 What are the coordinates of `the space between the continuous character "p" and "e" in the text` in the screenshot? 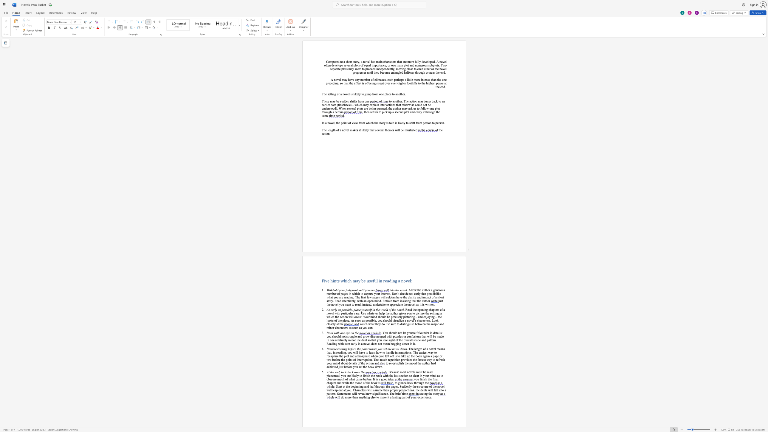 It's located at (431, 61).